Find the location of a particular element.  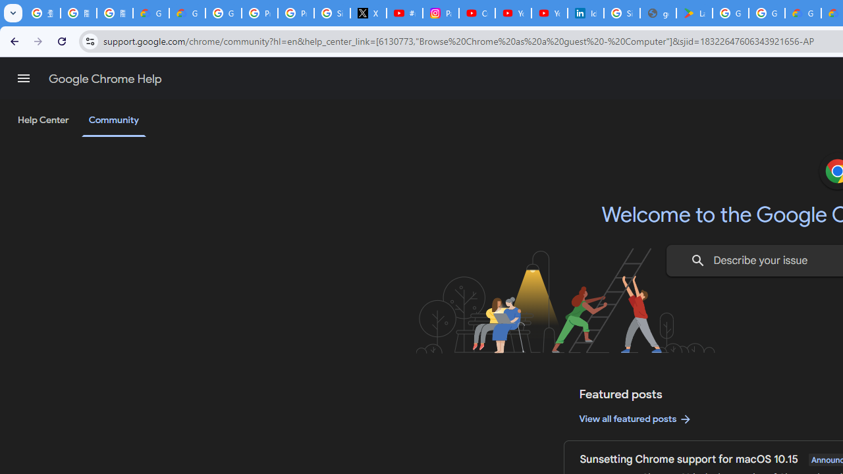

'Google Chrome Help' is located at coordinates (105, 78).